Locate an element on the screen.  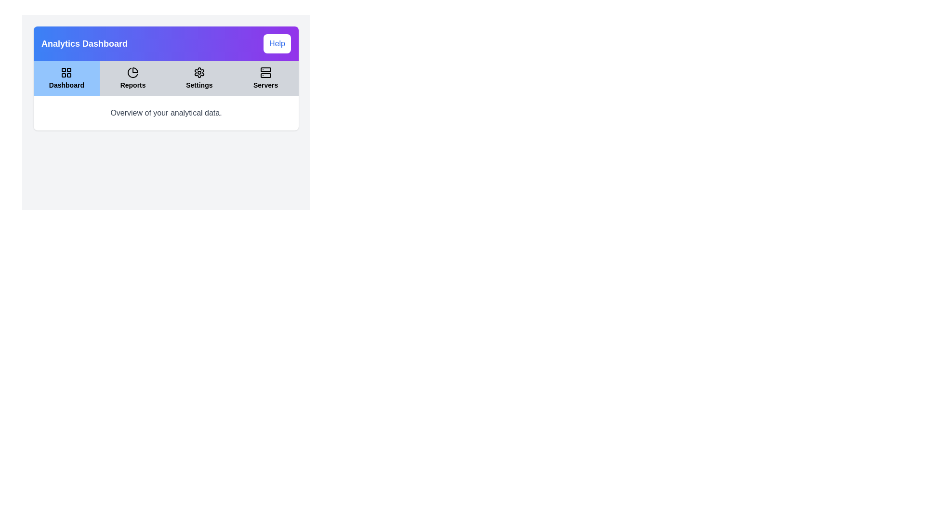
the gear-shaped icon button in the top navigation bar, which signifies settings or configurations, located between the Reports and Servers icons is located at coordinates (198, 72).